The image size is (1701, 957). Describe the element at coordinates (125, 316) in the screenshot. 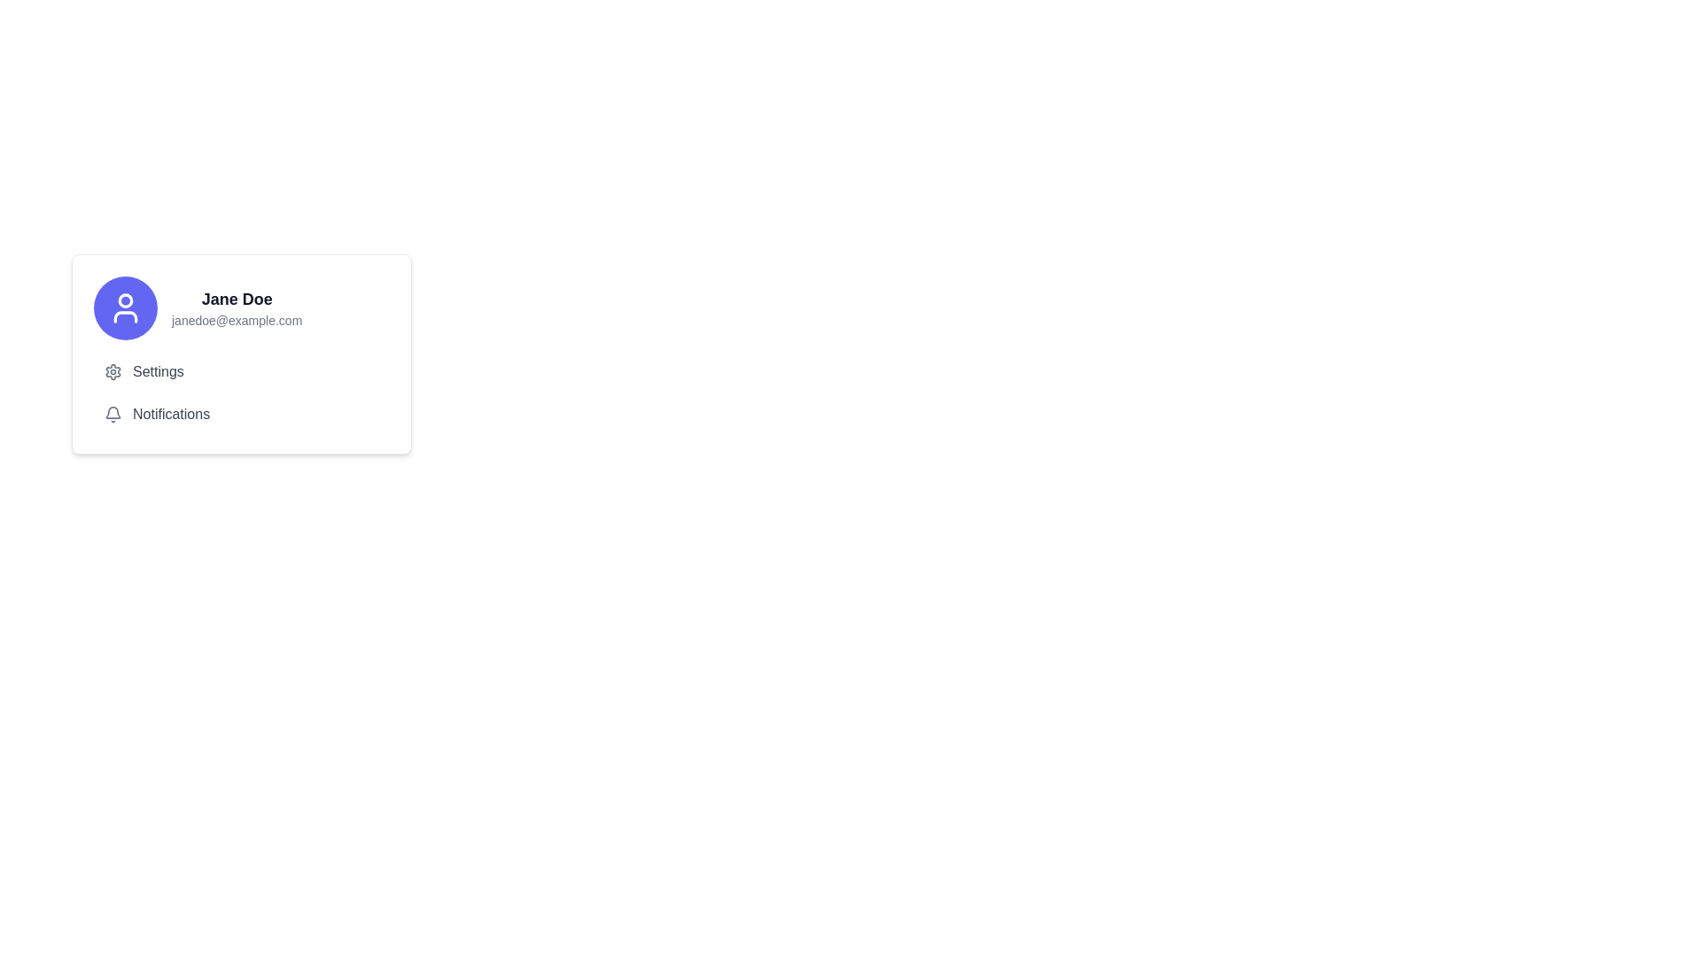

I see `the lower-half of the human figure icon within the circular blue background of the user profile icon, located on the left side of the card layout` at that location.